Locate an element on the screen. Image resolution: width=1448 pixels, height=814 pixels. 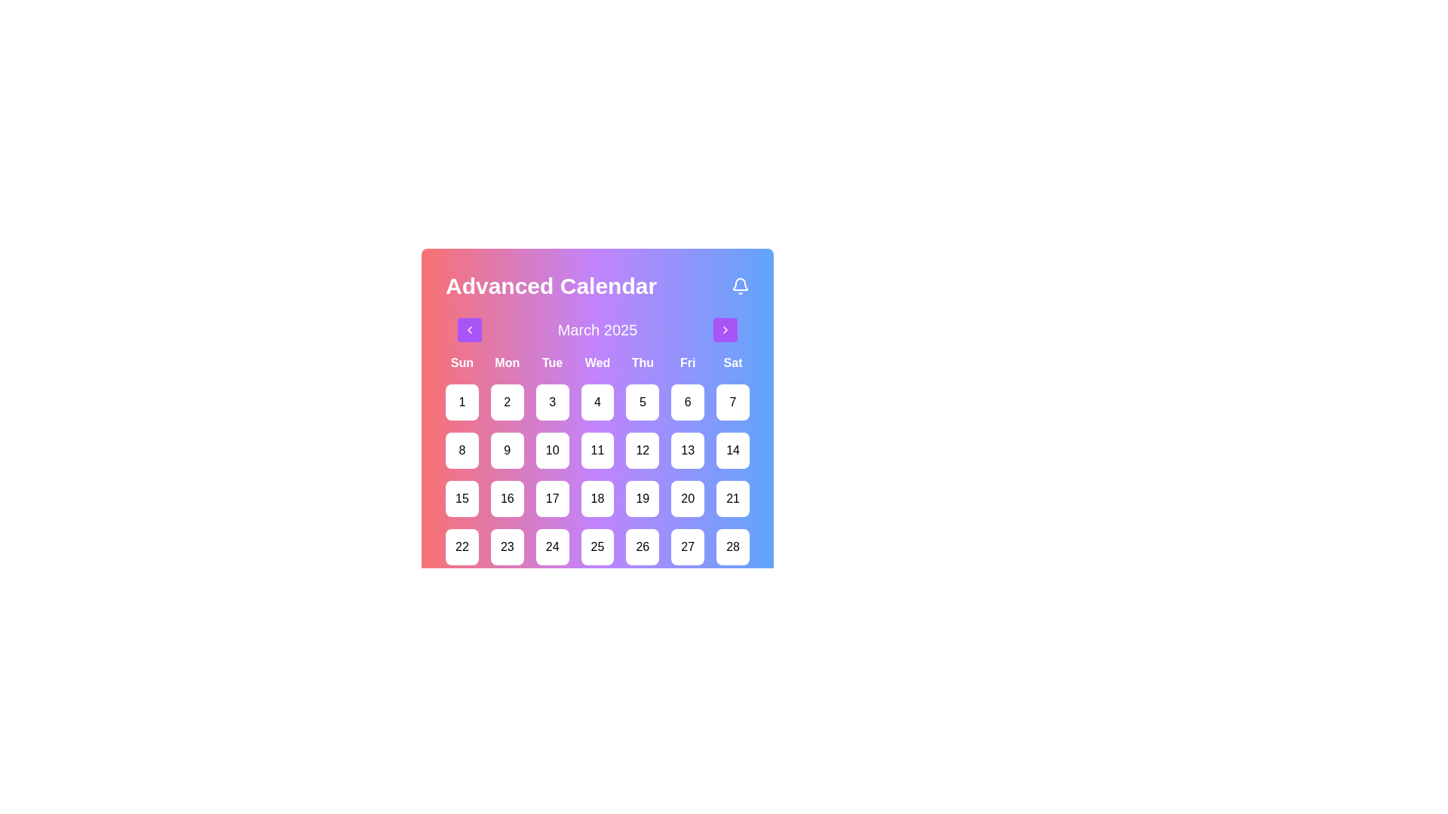
the button representing the calendar date '9' in the calendar grid under the 'Mon' column is located at coordinates (507, 449).